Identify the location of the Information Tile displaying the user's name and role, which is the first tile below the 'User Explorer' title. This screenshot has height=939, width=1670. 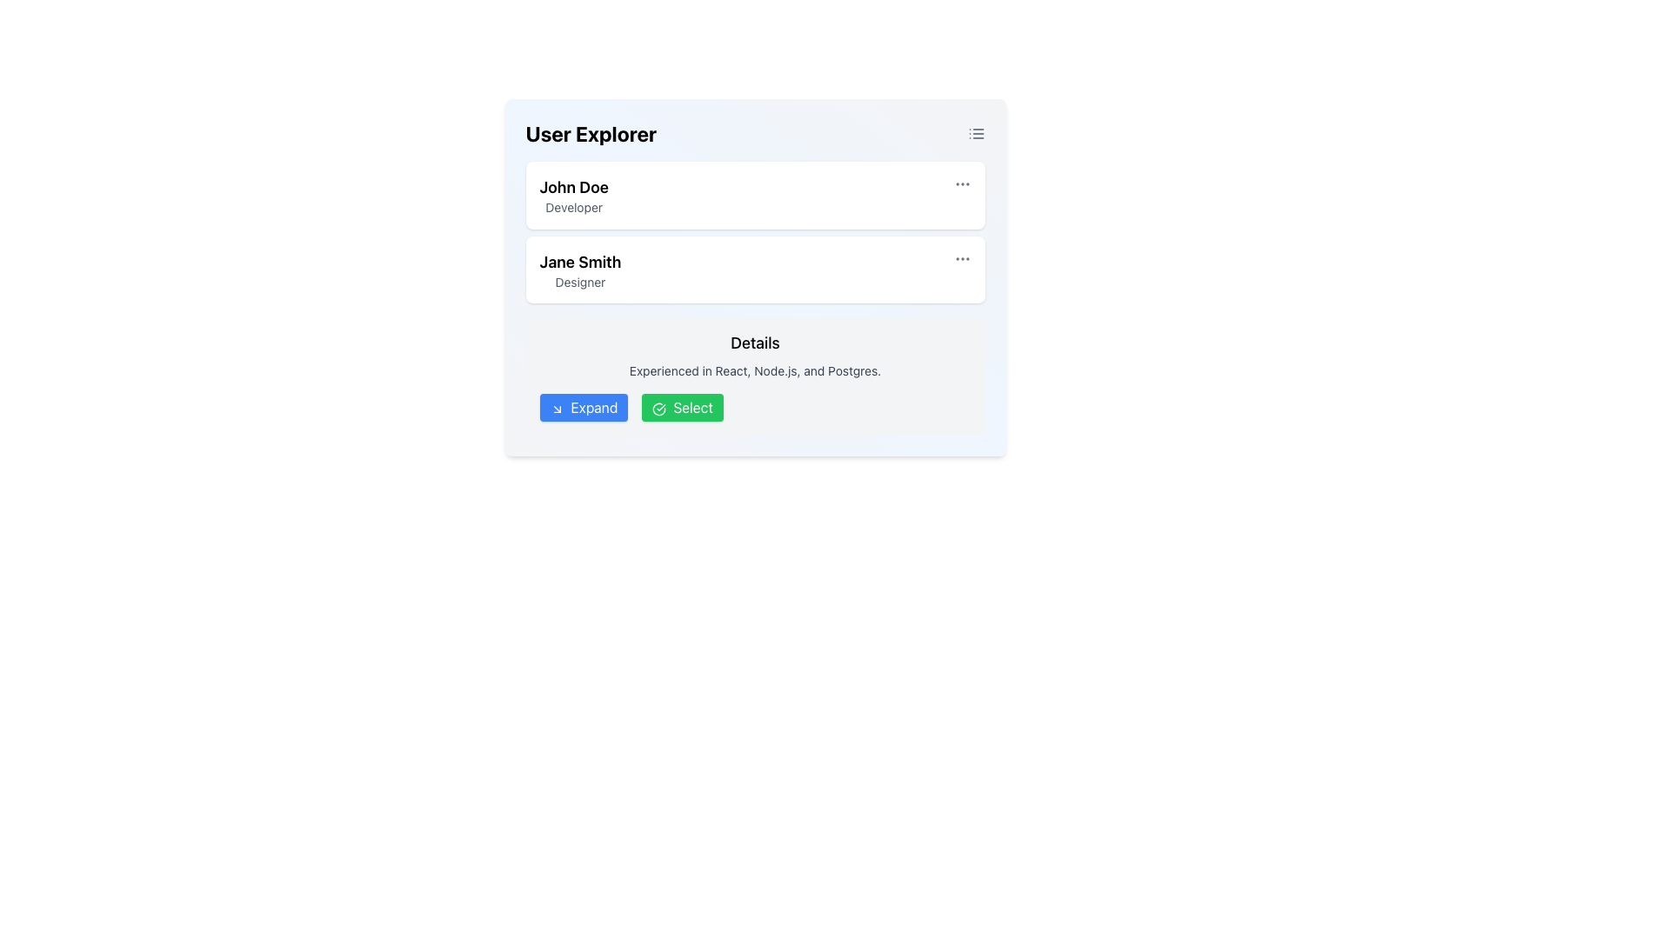
(755, 195).